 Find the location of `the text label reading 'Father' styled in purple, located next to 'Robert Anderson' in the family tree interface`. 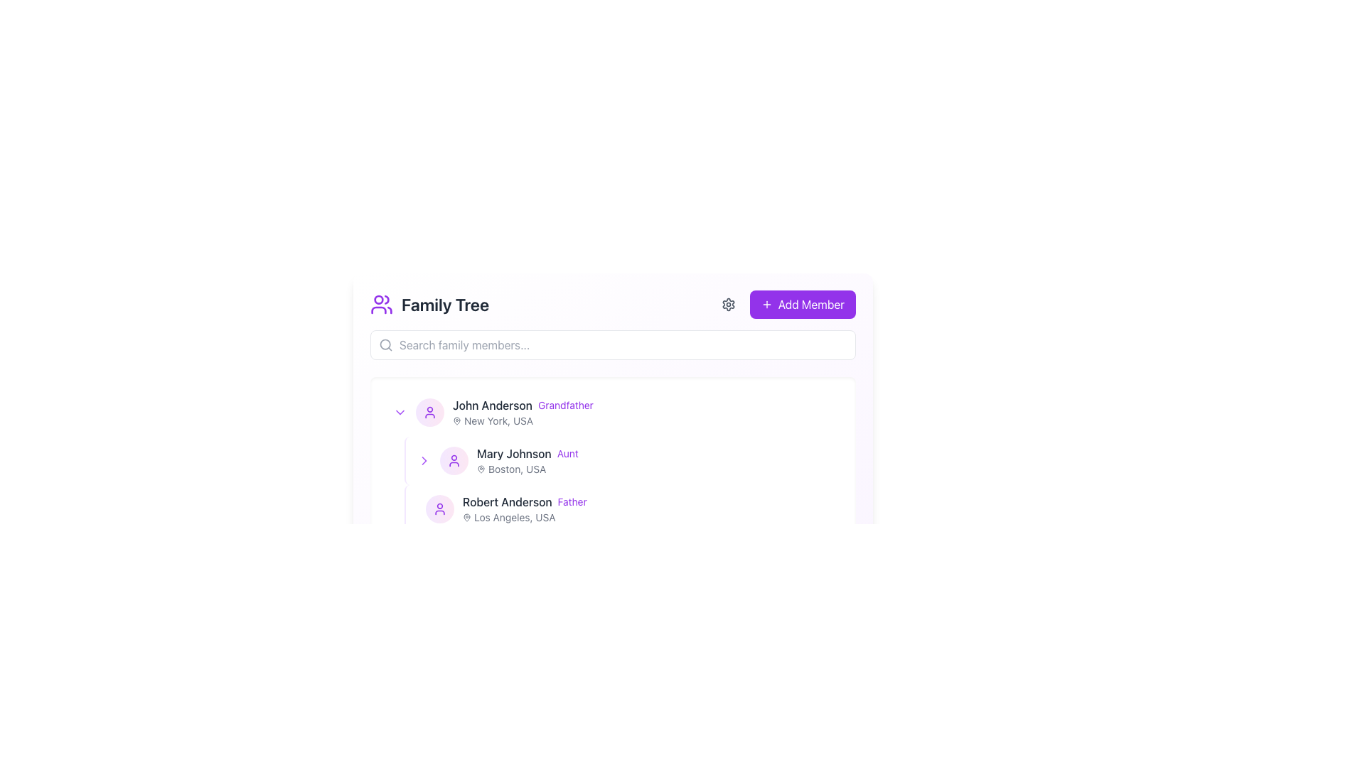

the text label reading 'Father' styled in purple, located next to 'Robert Anderson' in the family tree interface is located at coordinates (572, 501).